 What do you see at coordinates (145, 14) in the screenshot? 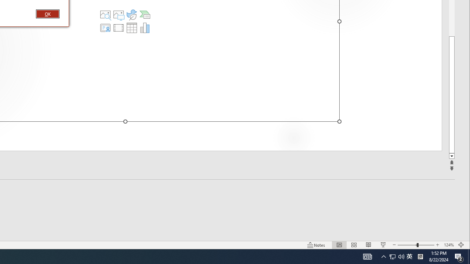
I see `'Insert a SmartArt Graphic'` at bounding box center [145, 14].